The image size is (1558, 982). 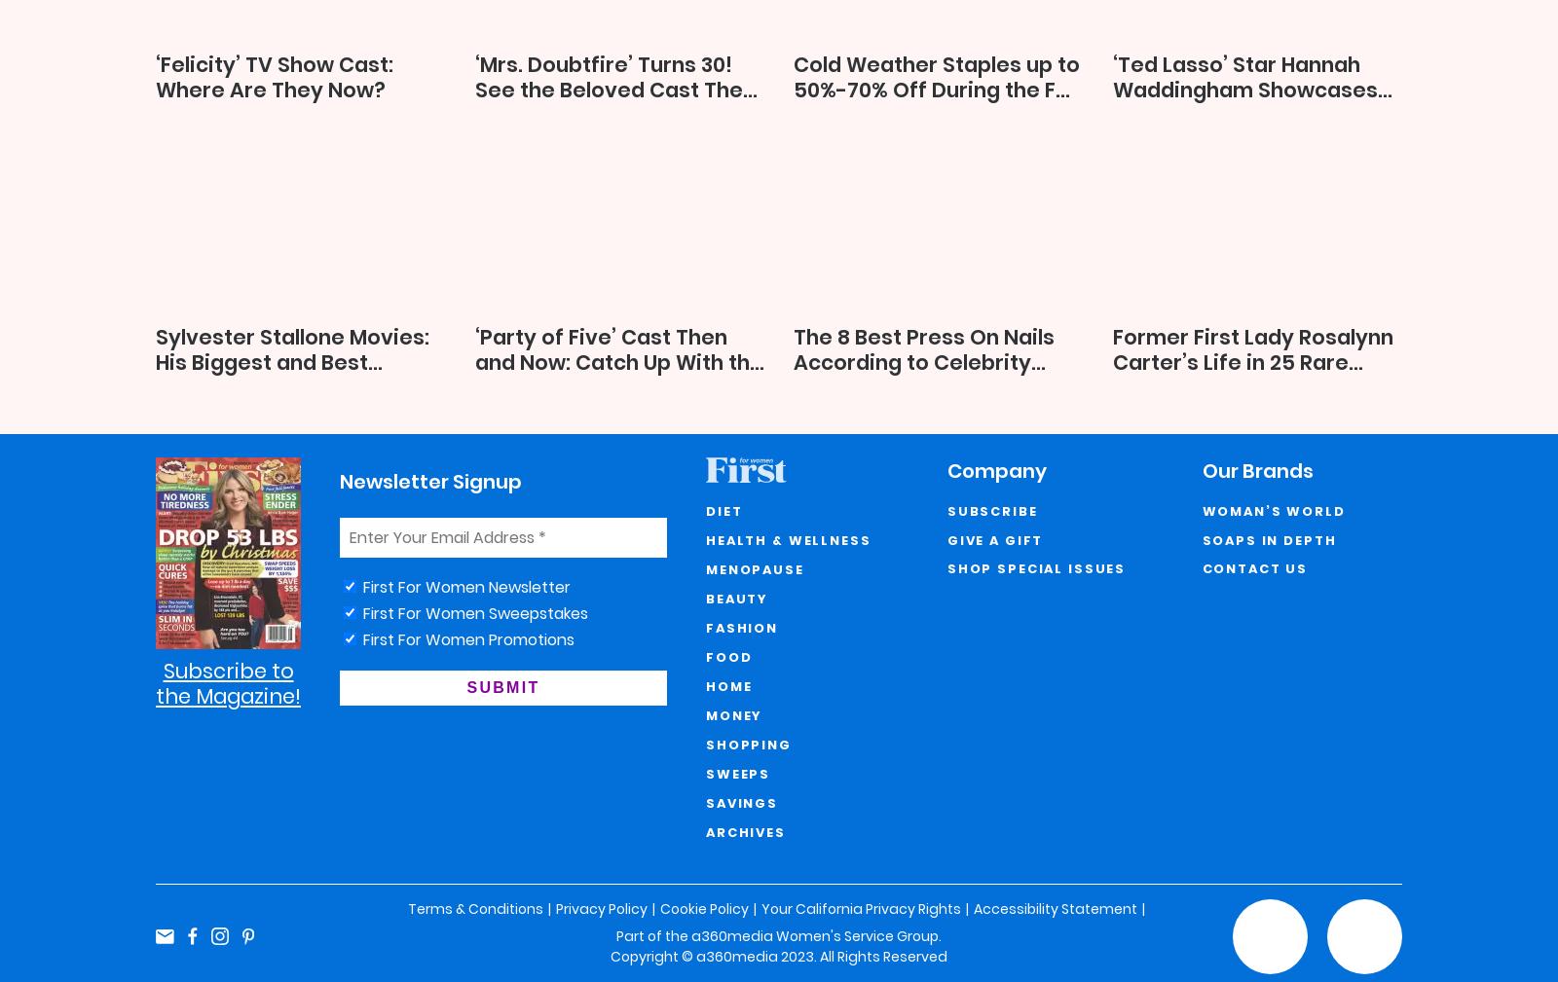 I want to click on 'Soaps in Depth', so click(x=1268, y=539).